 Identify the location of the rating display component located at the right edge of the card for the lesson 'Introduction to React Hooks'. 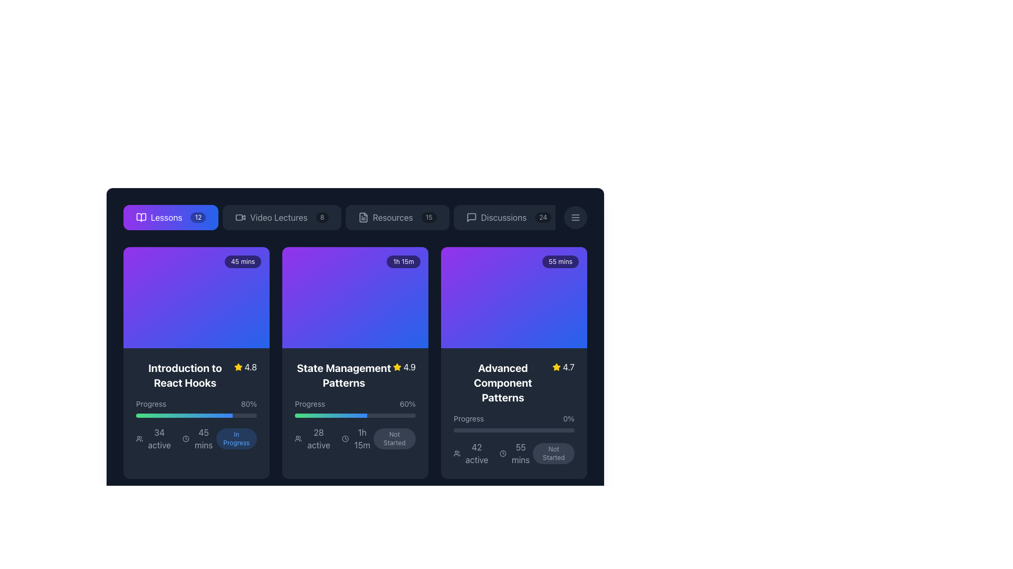
(245, 367).